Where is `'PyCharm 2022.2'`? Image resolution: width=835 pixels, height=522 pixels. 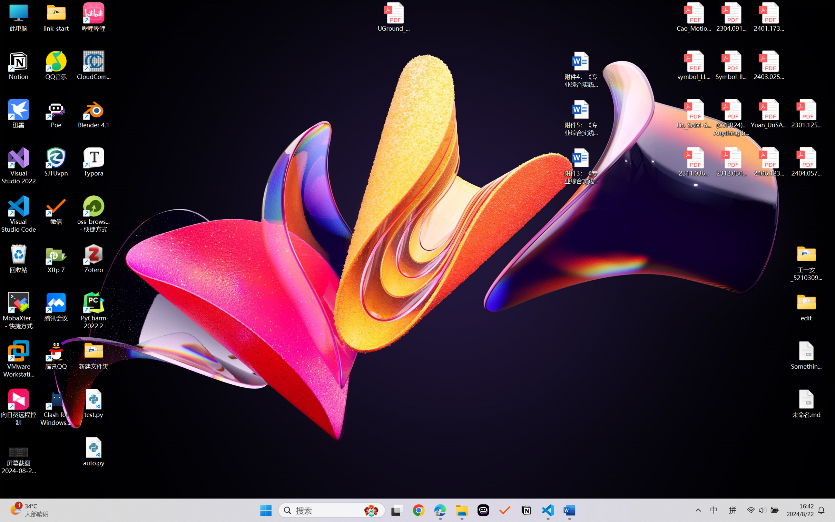
'PyCharm 2022.2' is located at coordinates (94, 311).